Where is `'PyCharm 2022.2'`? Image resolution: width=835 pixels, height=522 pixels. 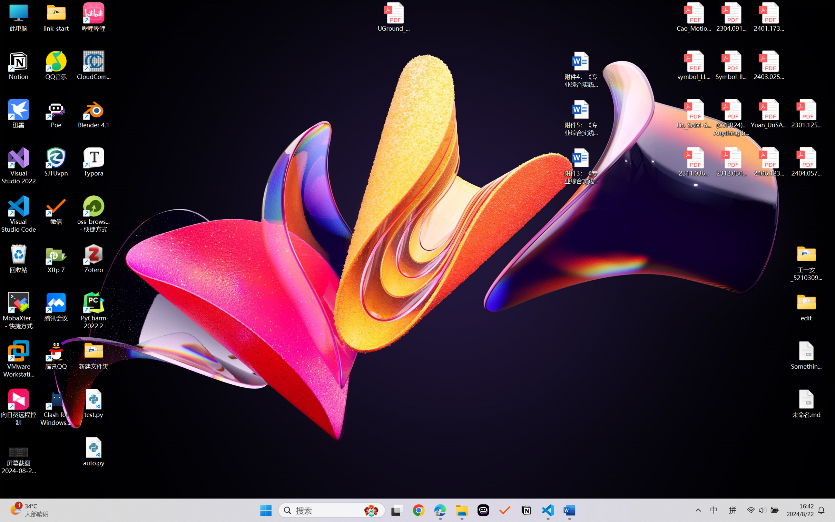
'PyCharm 2022.2' is located at coordinates (94, 311).